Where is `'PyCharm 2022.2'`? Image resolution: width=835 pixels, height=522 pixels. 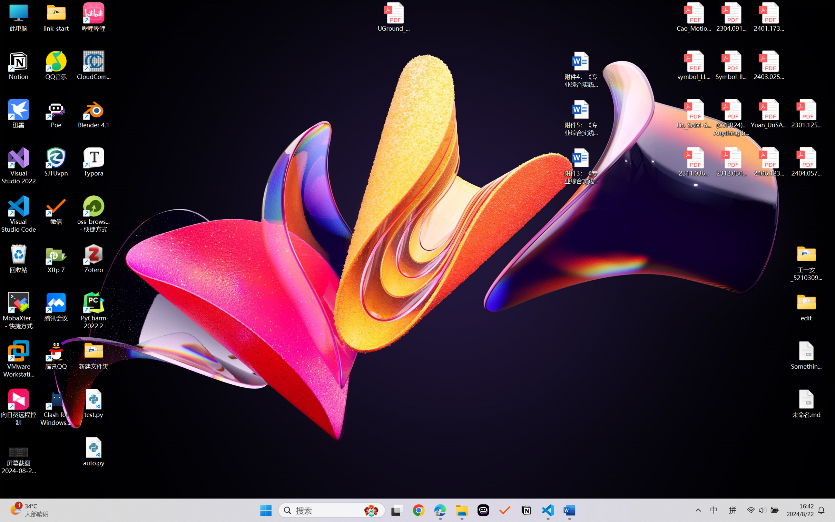
'PyCharm 2022.2' is located at coordinates (94, 311).